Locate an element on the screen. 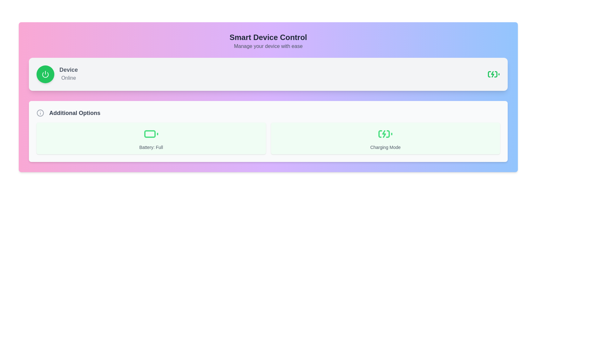 The image size is (610, 343). the SVG circle element that serves as a visual cue for the 'Additional Options' section, located at the top-left corner adjacent to the section's header text is located at coordinates (40, 112).